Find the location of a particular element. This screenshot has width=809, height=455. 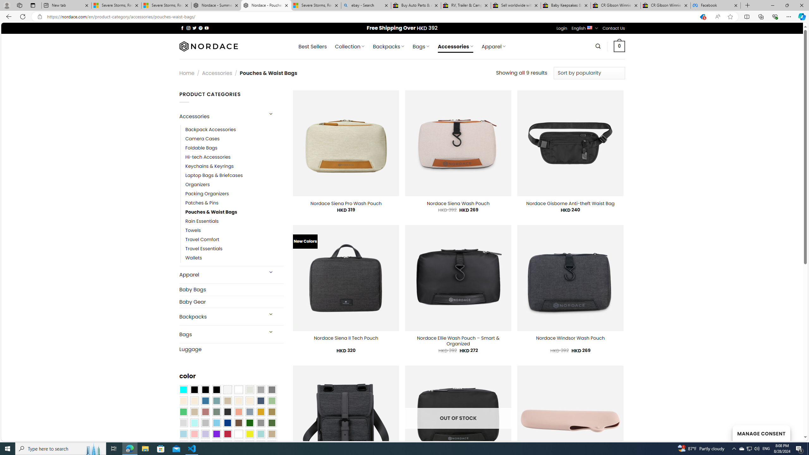

'Towels' is located at coordinates (193, 230).